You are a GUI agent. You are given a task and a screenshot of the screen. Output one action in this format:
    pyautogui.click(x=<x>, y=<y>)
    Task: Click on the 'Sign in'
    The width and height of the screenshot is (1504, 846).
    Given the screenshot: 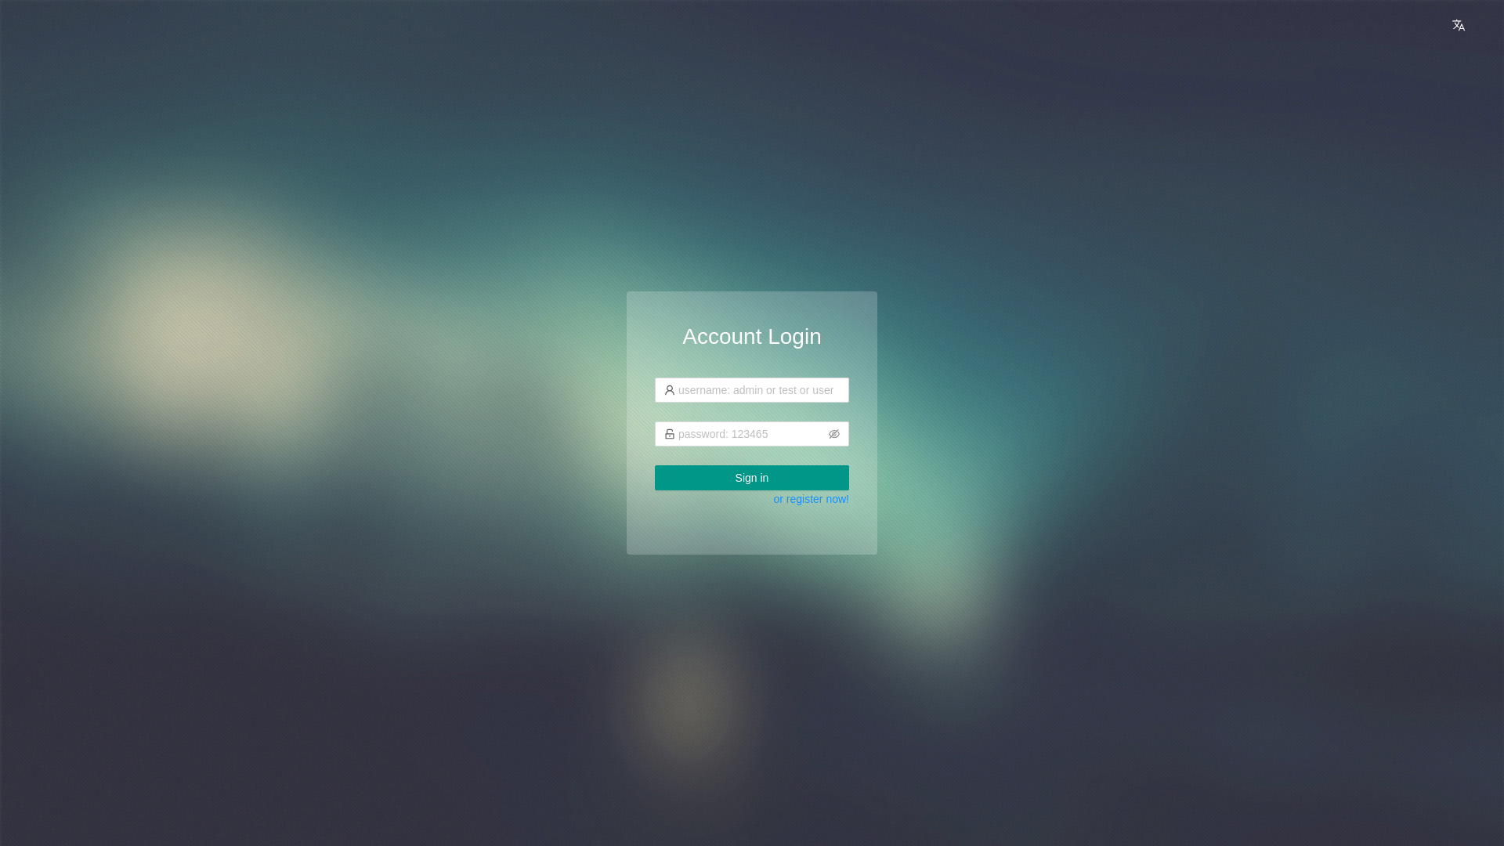 What is the action you would take?
    pyautogui.click(x=752, y=476)
    